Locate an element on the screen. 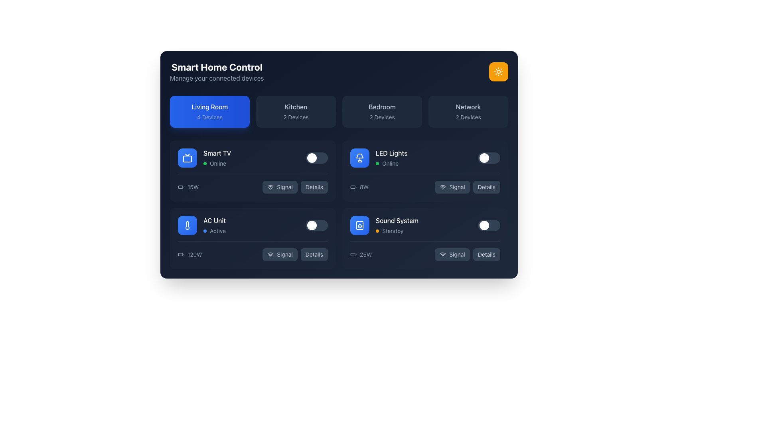 This screenshot has height=431, width=766. the text display that shows '2 Devices', which is located below the 'Bedroom' text in a card-like design with a dark background is located at coordinates (382, 117).